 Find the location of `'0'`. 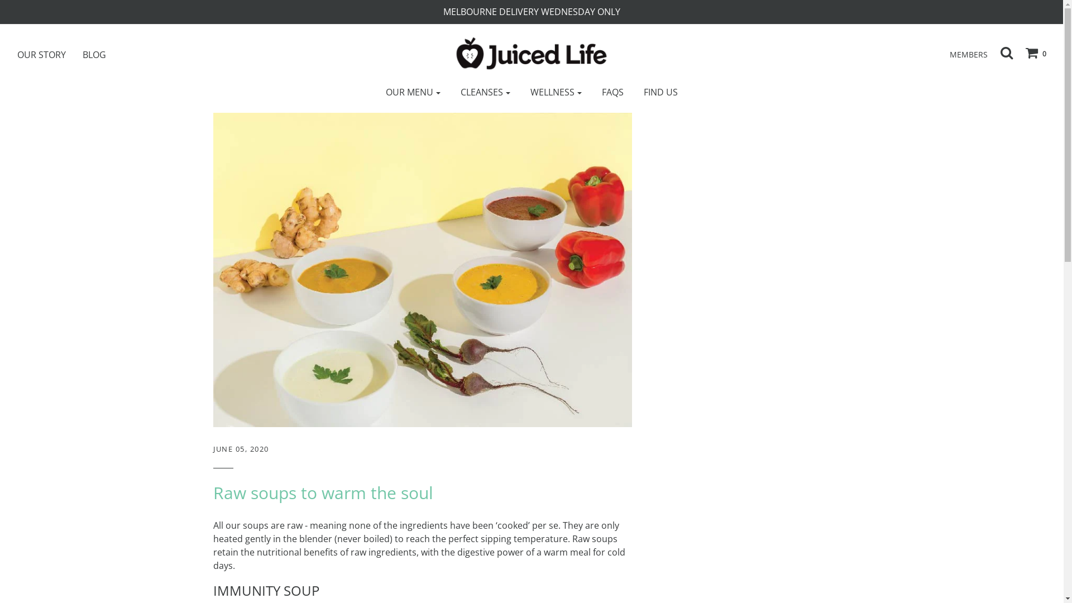

'0' is located at coordinates (1030, 52).